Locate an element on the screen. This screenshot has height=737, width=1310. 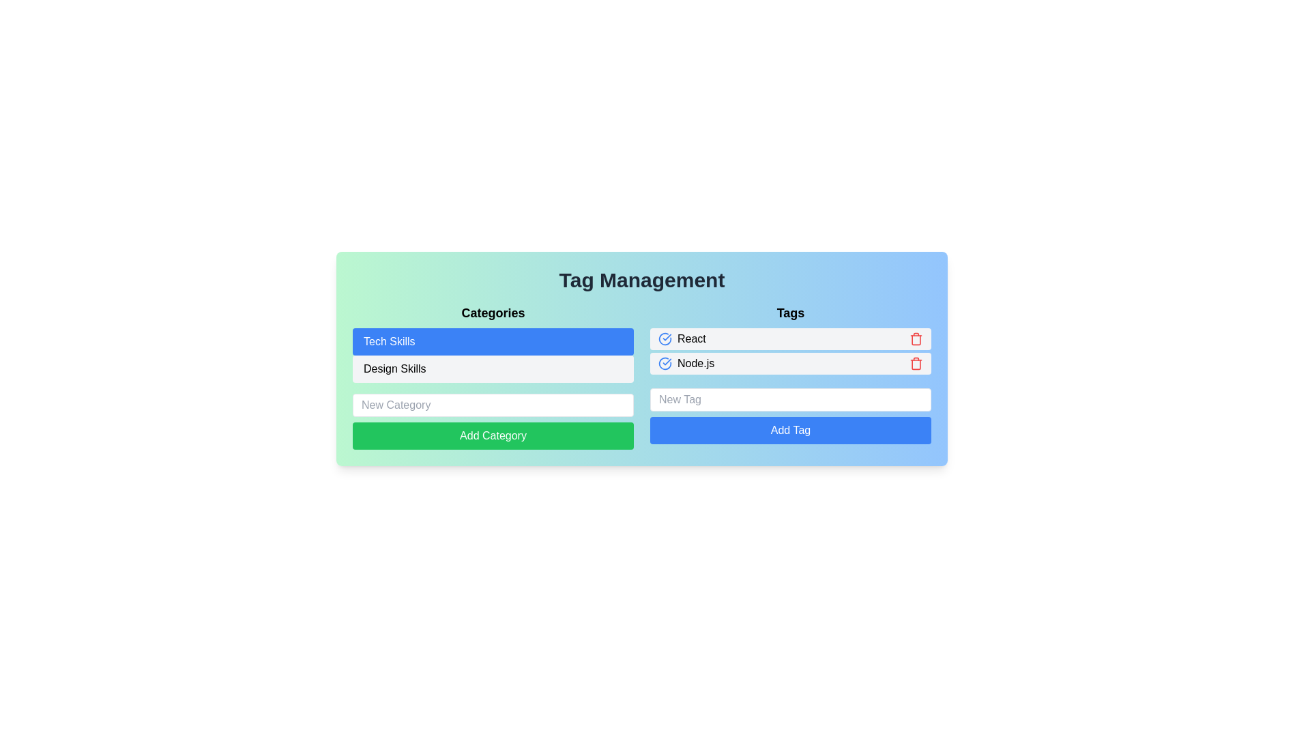
the 'Design Skills' button, which is a rectangular box with a light gray background and bold black text, located in the second position under the 'Categories' header is located at coordinates (493, 376).